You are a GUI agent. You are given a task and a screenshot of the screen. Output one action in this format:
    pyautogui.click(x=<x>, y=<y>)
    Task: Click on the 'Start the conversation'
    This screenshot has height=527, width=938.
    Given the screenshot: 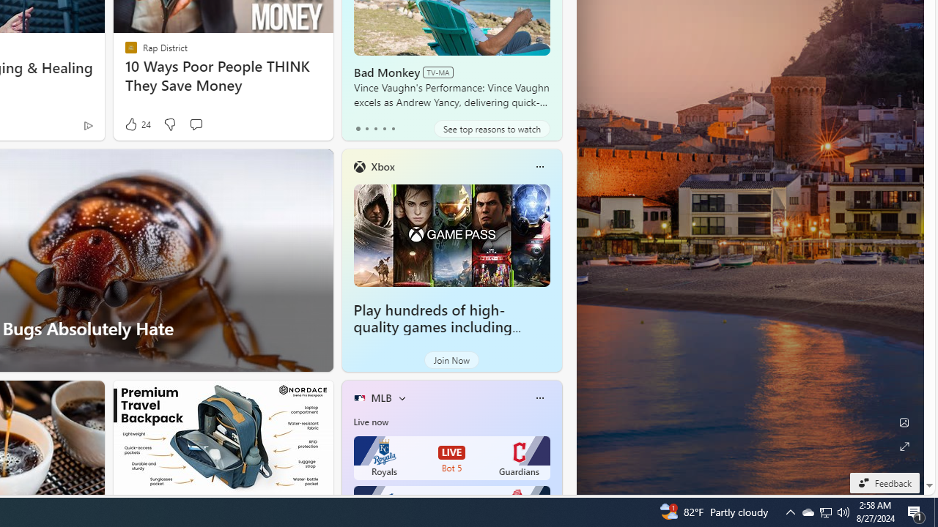 What is the action you would take?
    pyautogui.click(x=195, y=123)
    